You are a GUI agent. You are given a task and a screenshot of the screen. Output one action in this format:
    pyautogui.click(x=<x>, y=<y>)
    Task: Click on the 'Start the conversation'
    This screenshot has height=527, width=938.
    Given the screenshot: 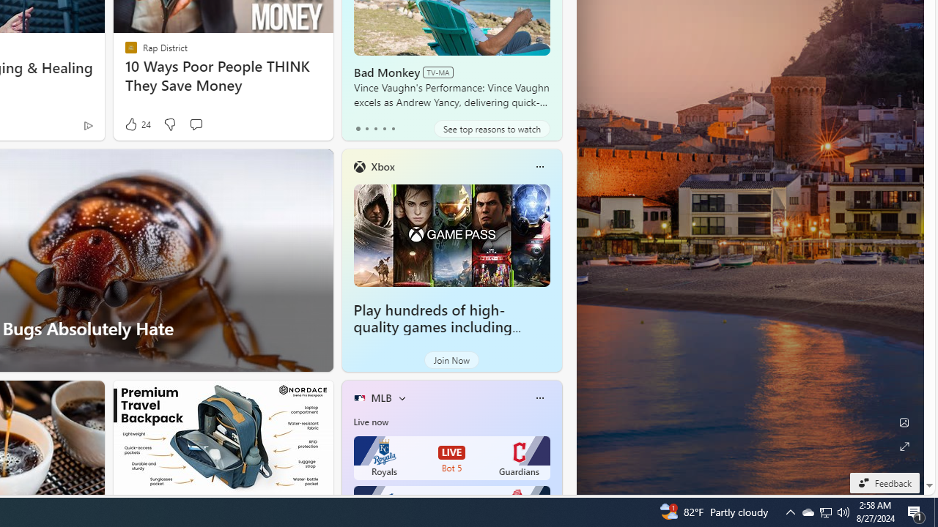 What is the action you would take?
    pyautogui.click(x=195, y=123)
    